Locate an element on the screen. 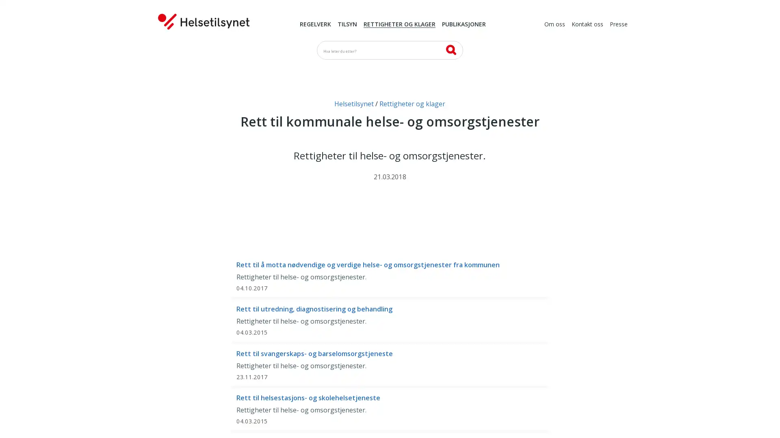 This screenshot has height=438, width=780. SK is located at coordinates (450, 49).